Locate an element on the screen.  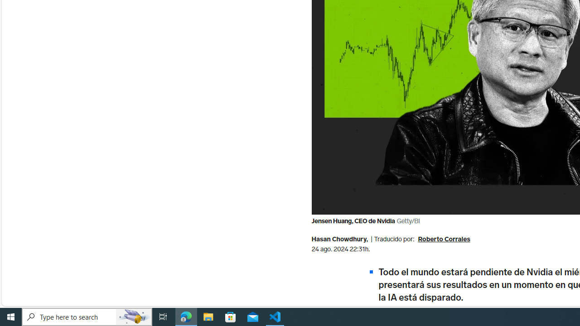
'Roberto Corrales' is located at coordinates (444, 240).